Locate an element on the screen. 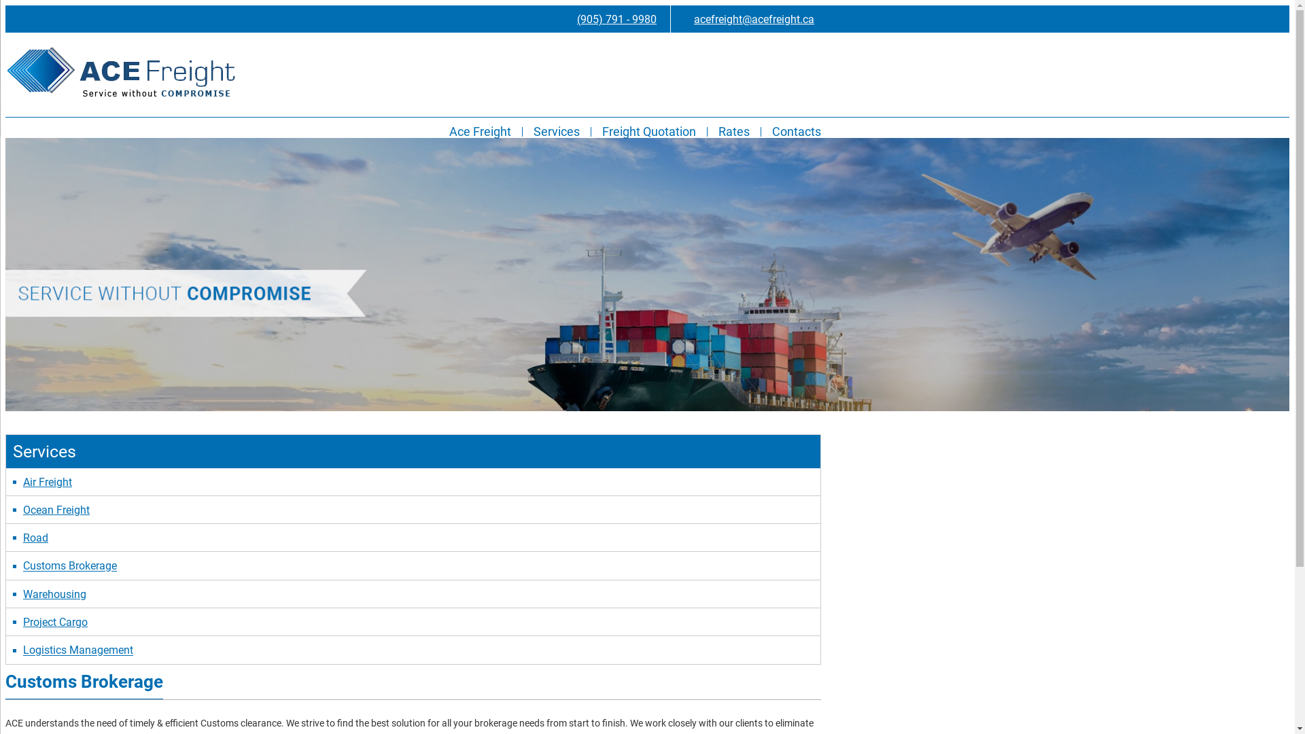  '(905) 791 - 9980' is located at coordinates (563, 19).